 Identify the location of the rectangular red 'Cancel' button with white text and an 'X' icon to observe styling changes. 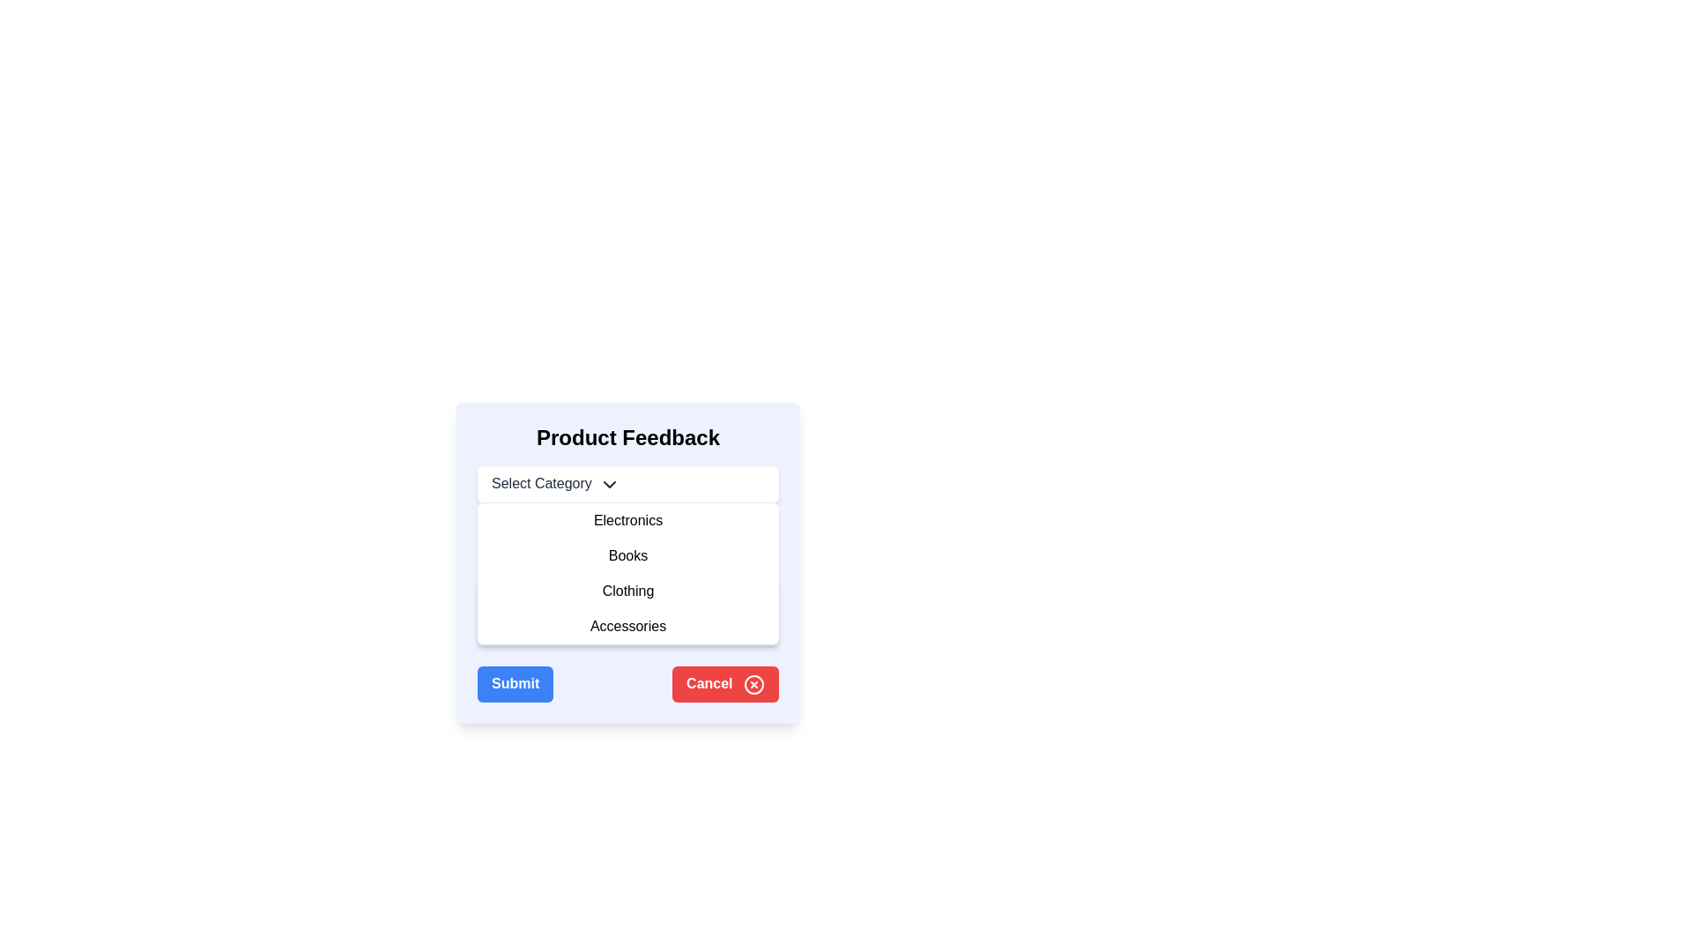
(725, 683).